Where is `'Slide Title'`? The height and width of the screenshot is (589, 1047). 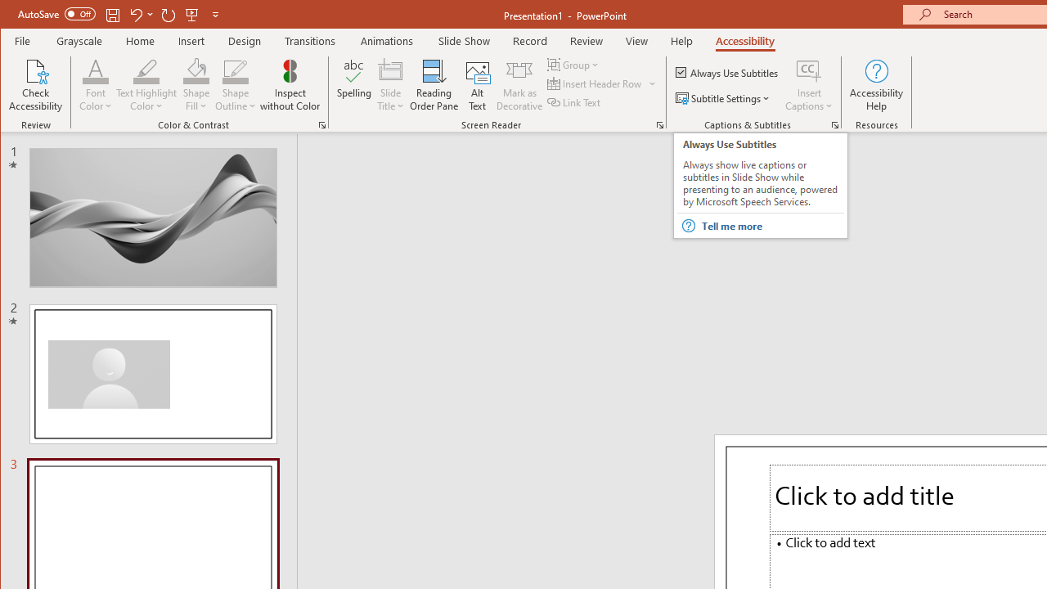 'Slide Title' is located at coordinates (390, 85).